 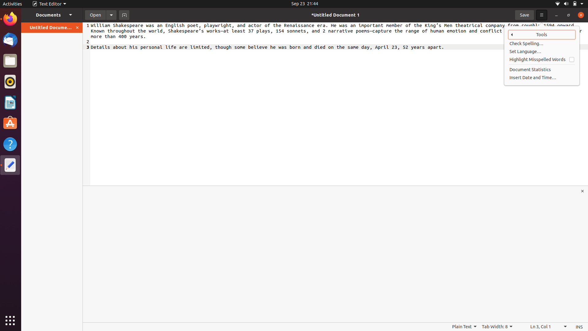 I want to click on Activate the document options menu, so click(x=111, y=14).